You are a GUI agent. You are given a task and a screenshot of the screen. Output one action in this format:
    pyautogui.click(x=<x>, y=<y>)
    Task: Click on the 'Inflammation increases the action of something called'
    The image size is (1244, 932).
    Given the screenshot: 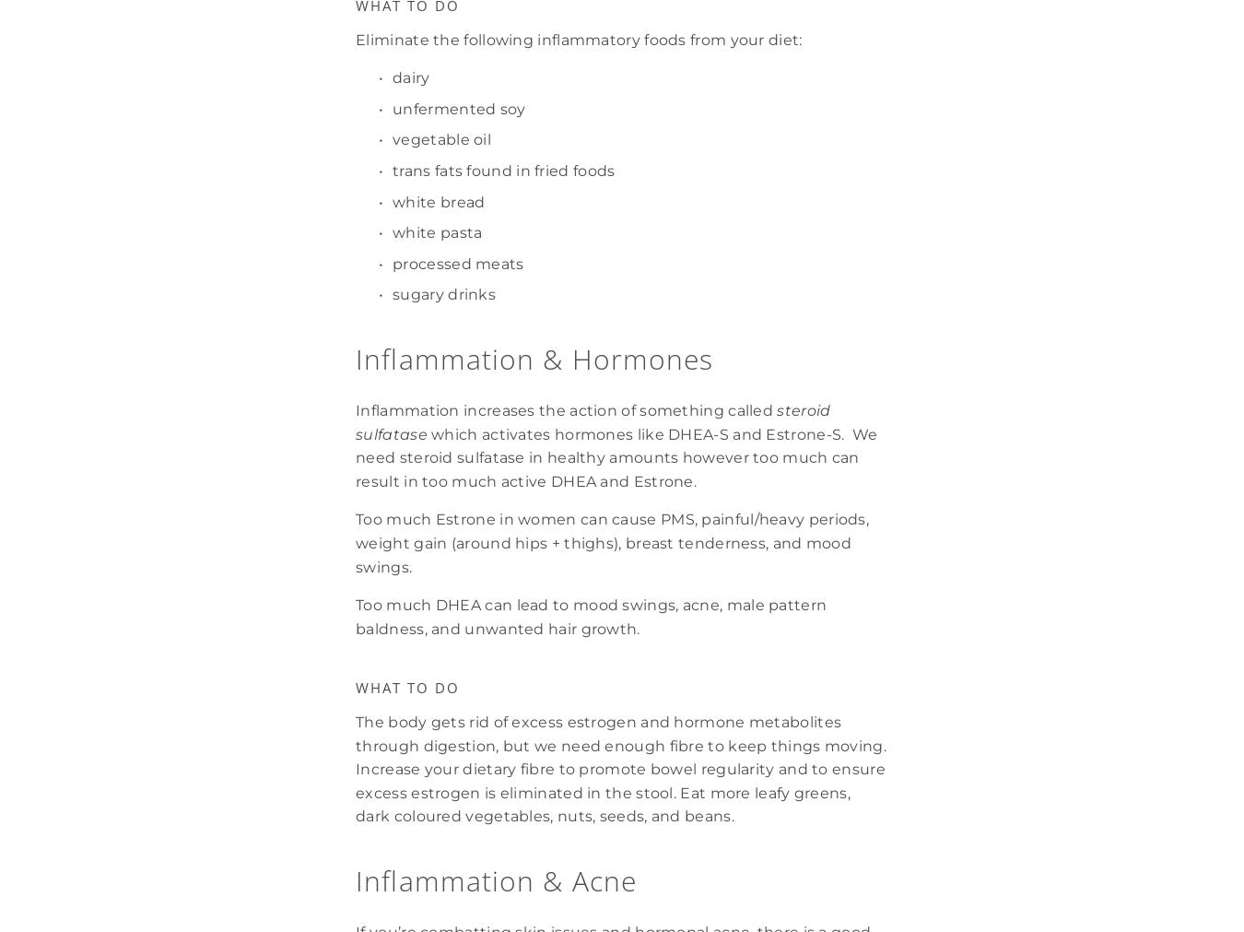 What is the action you would take?
    pyautogui.click(x=566, y=408)
    